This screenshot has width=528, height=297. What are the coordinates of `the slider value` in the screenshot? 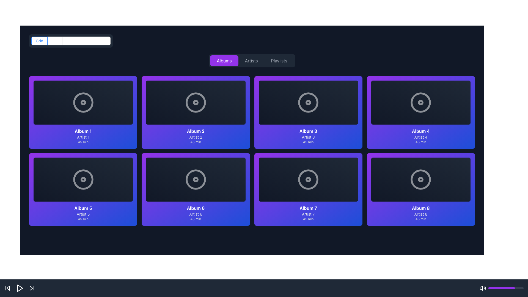 It's located at (498, 288).